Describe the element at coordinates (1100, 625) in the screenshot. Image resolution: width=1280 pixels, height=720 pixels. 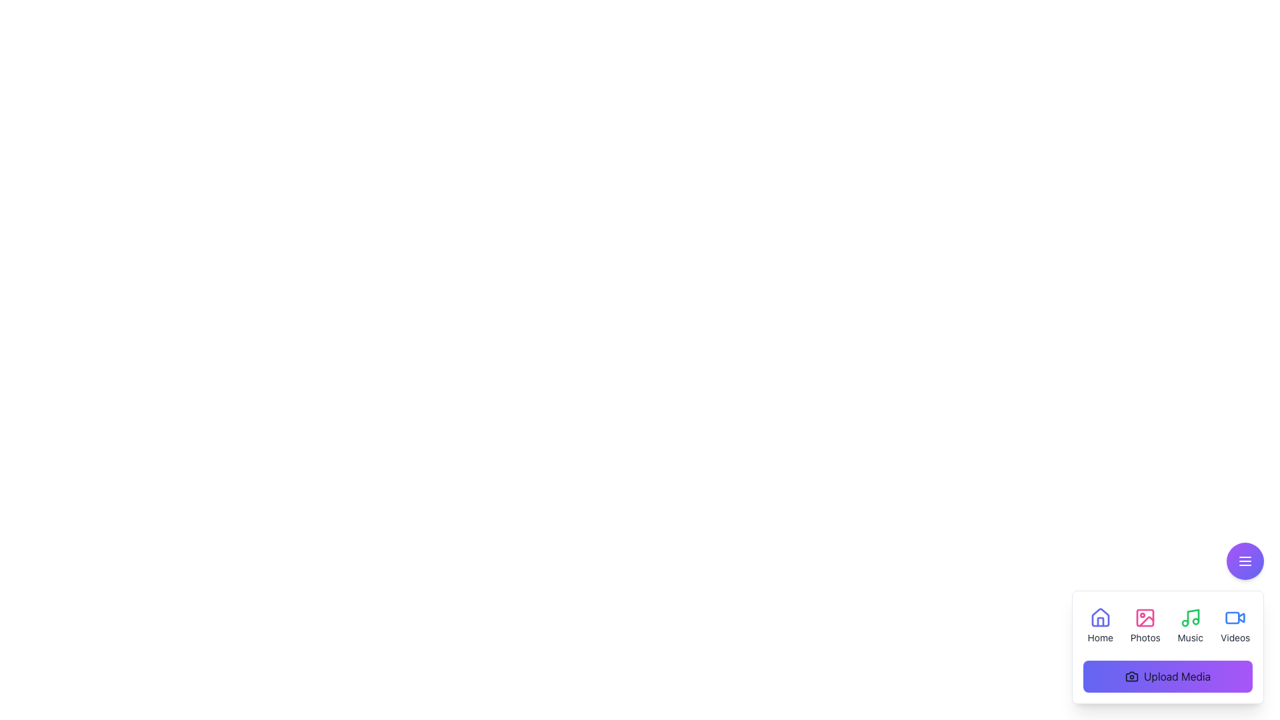
I see `the 'Home' button, which features a blue house icon above the text label 'Home'` at that location.